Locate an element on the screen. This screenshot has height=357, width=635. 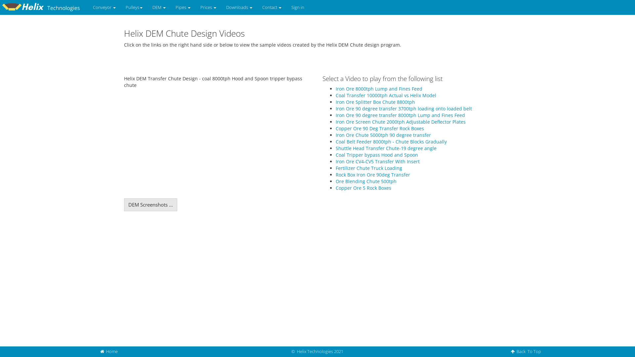
'DEM Screenshots ...' is located at coordinates (150, 204).